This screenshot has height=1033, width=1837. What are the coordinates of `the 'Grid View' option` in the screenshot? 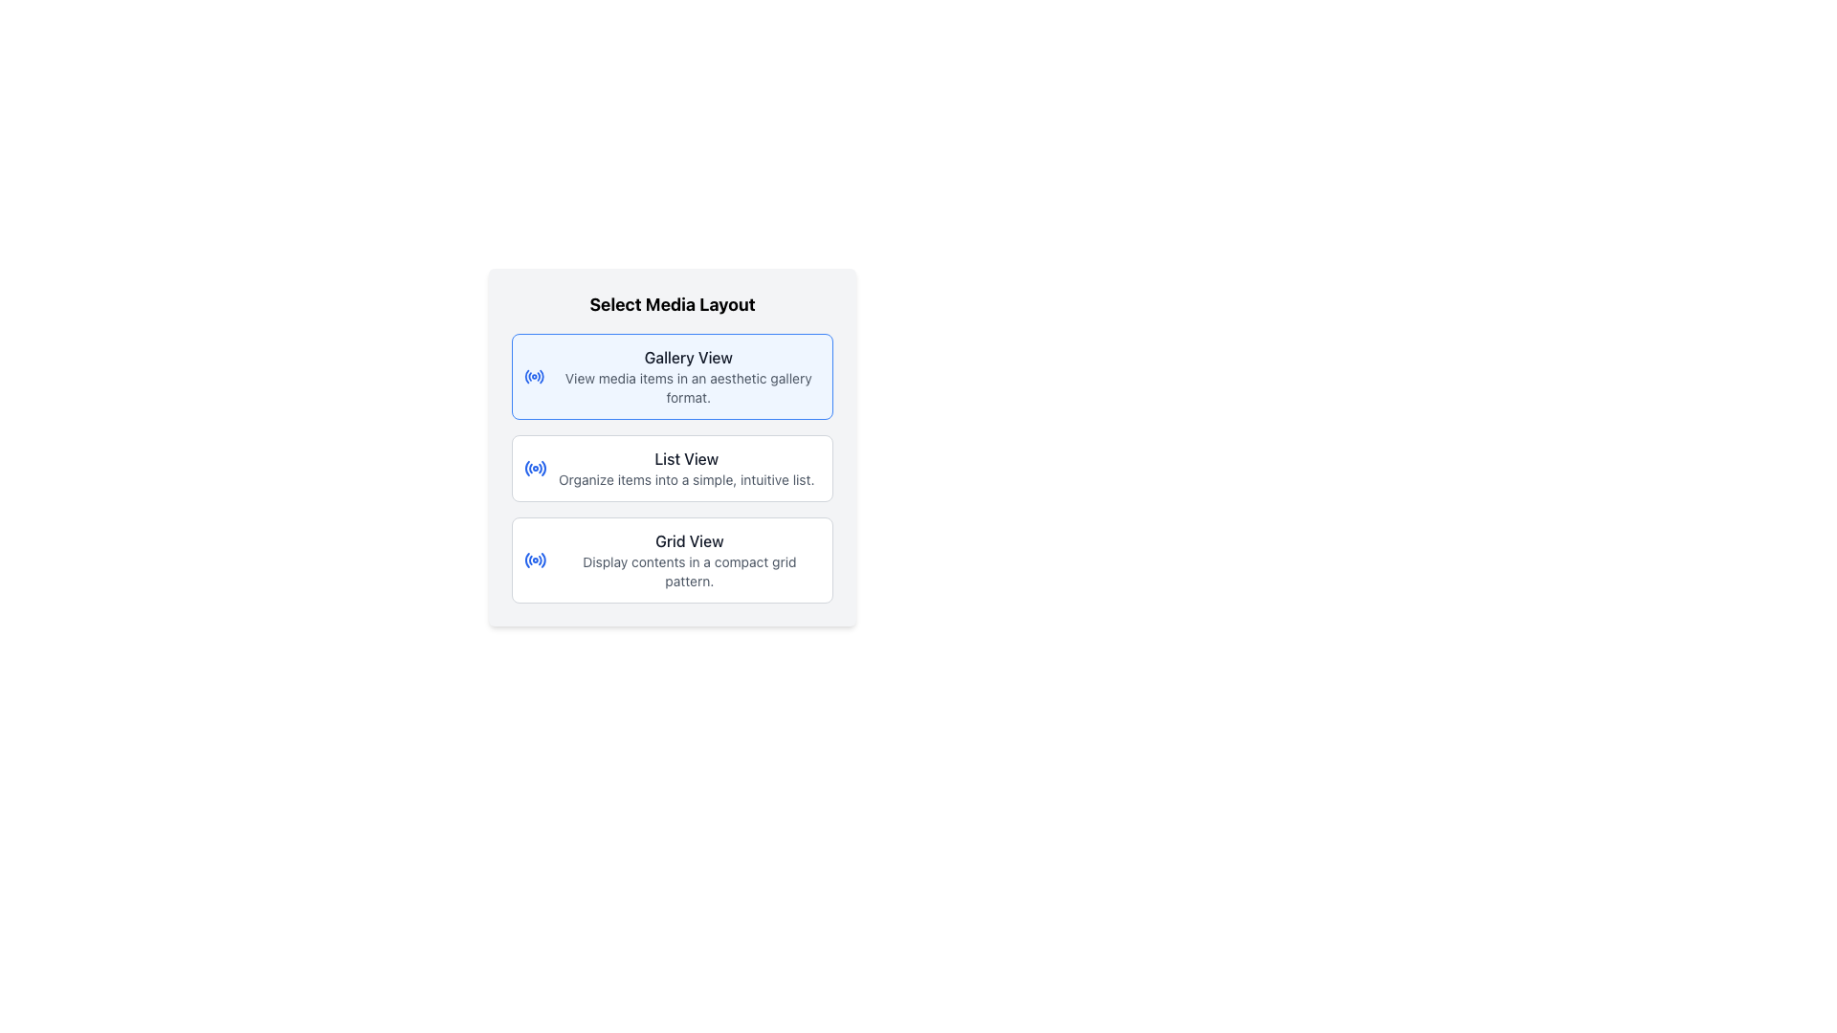 It's located at (689, 560).